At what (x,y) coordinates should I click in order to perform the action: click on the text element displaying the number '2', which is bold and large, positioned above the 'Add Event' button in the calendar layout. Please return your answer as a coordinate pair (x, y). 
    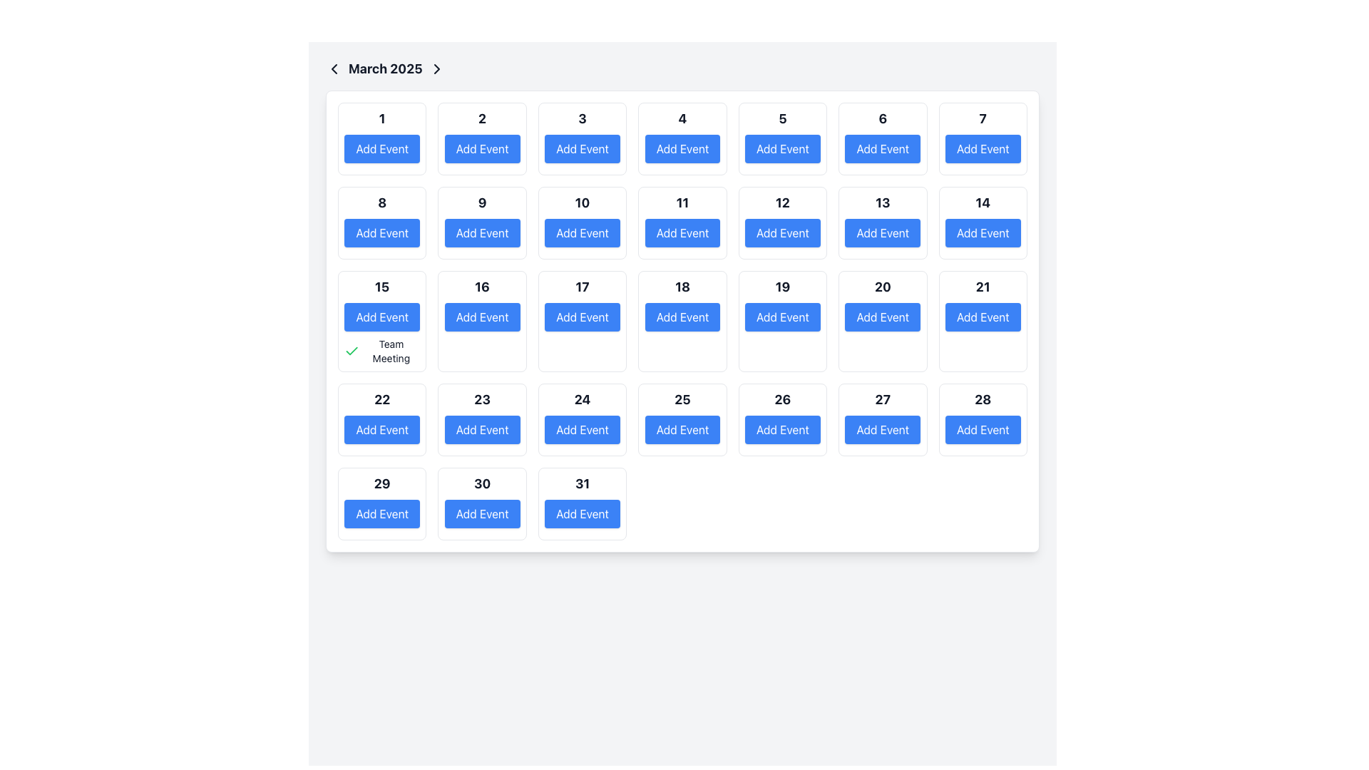
    Looking at the image, I should click on (482, 118).